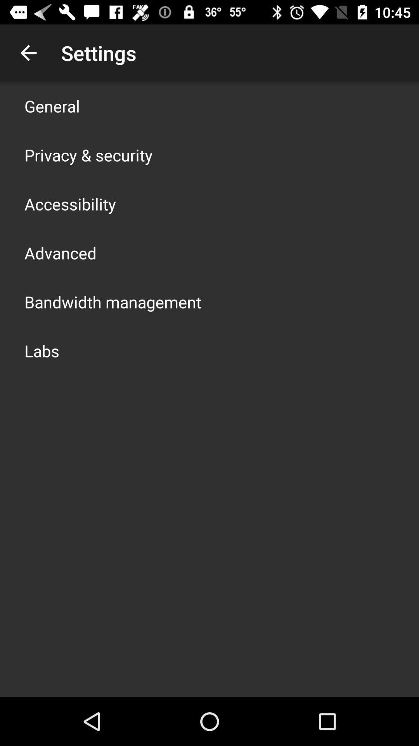 The width and height of the screenshot is (419, 746). What do you see at coordinates (60, 253) in the screenshot?
I see `the app above the bandwidth management` at bounding box center [60, 253].